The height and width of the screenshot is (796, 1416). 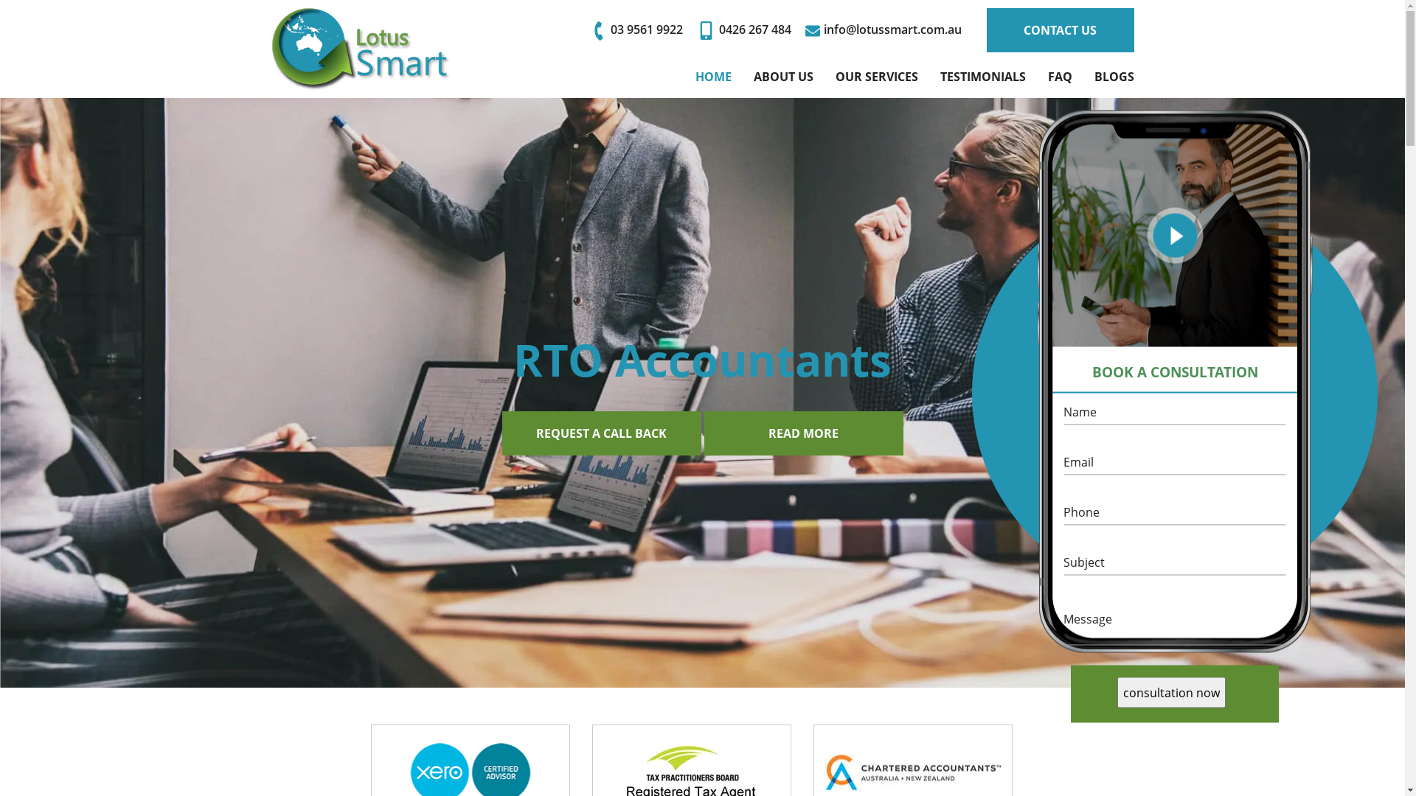 I want to click on 'REQUEST A CALL BACK', so click(x=601, y=462).